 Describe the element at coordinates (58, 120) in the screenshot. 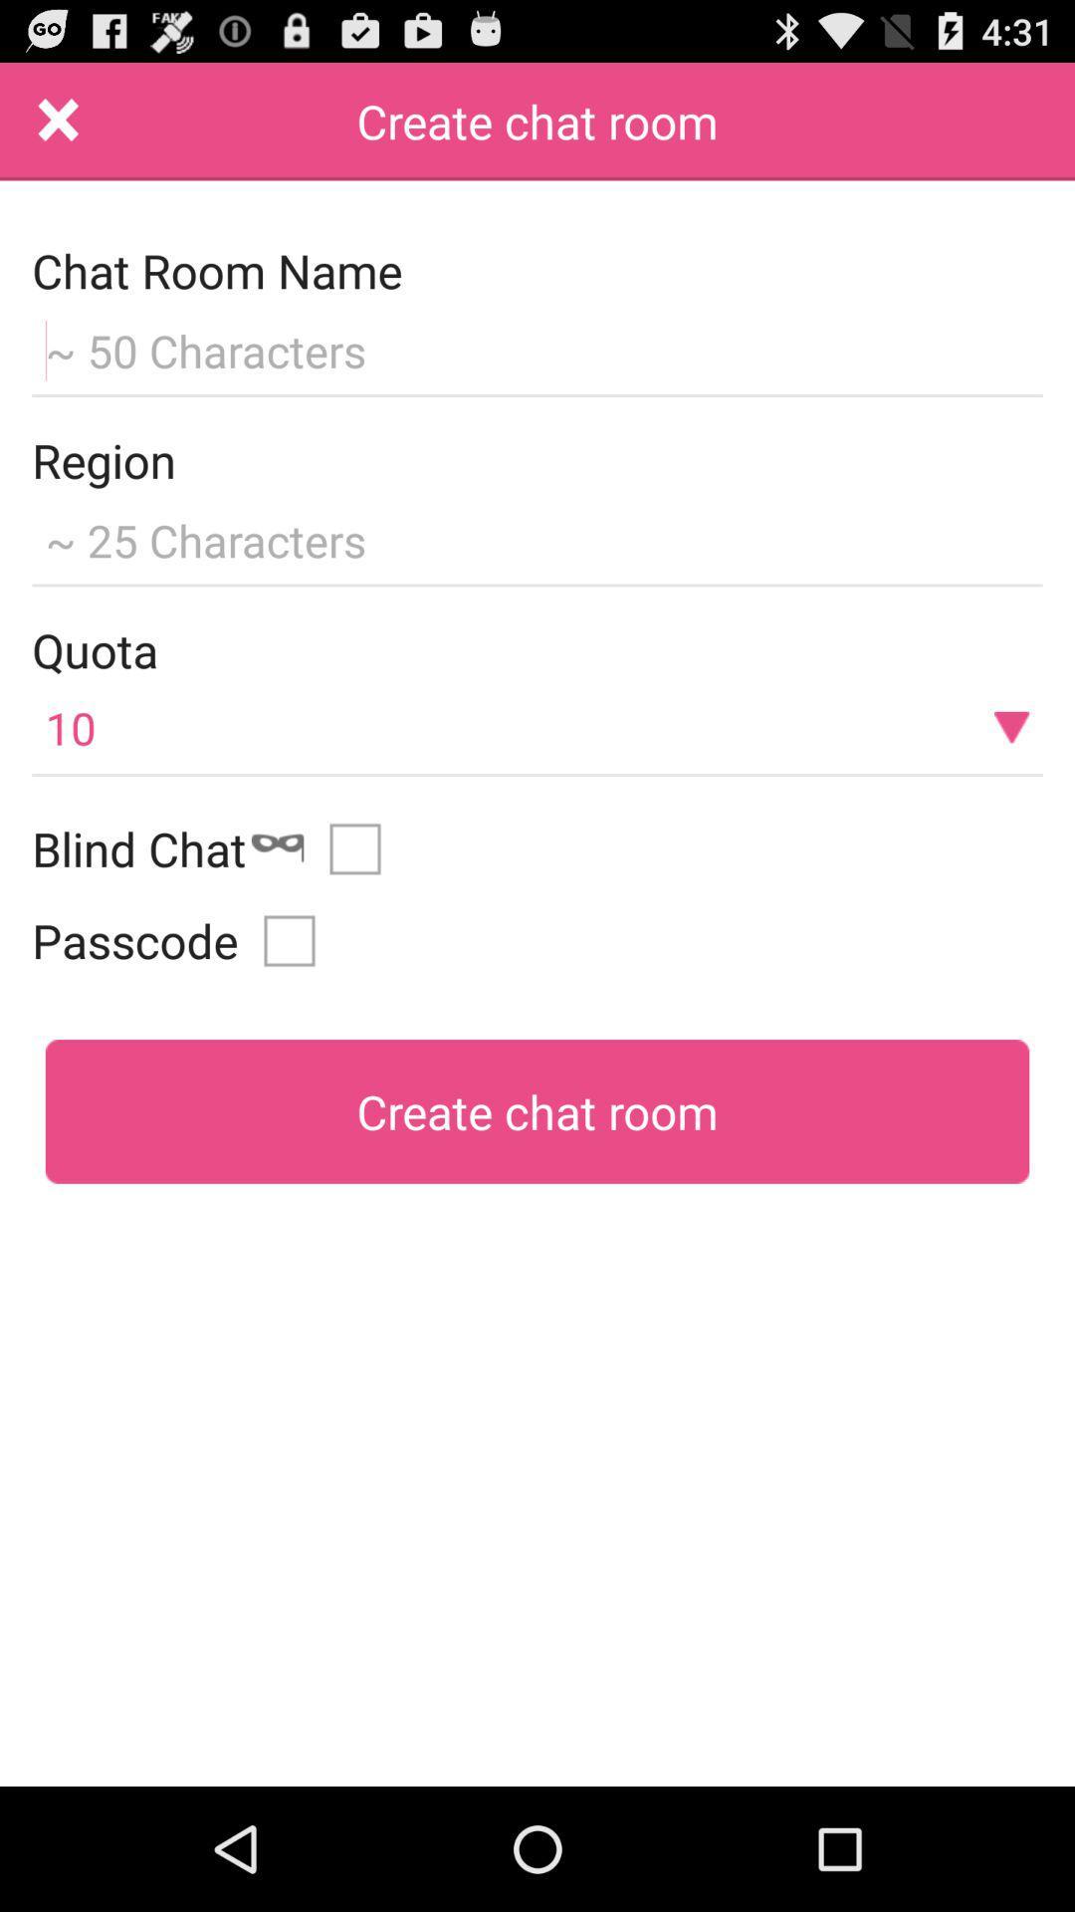

I see `exit` at that location.